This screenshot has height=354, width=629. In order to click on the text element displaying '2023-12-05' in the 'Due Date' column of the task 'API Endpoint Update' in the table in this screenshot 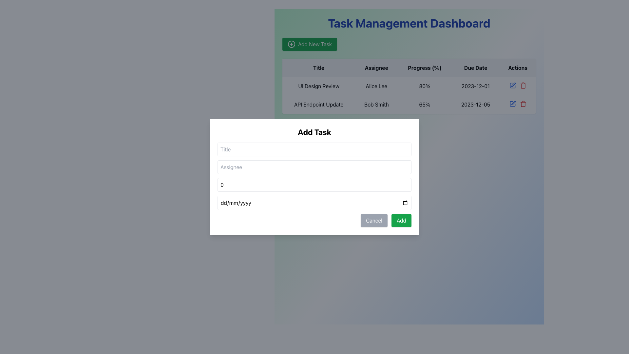, I will do `click(476, 104)`.